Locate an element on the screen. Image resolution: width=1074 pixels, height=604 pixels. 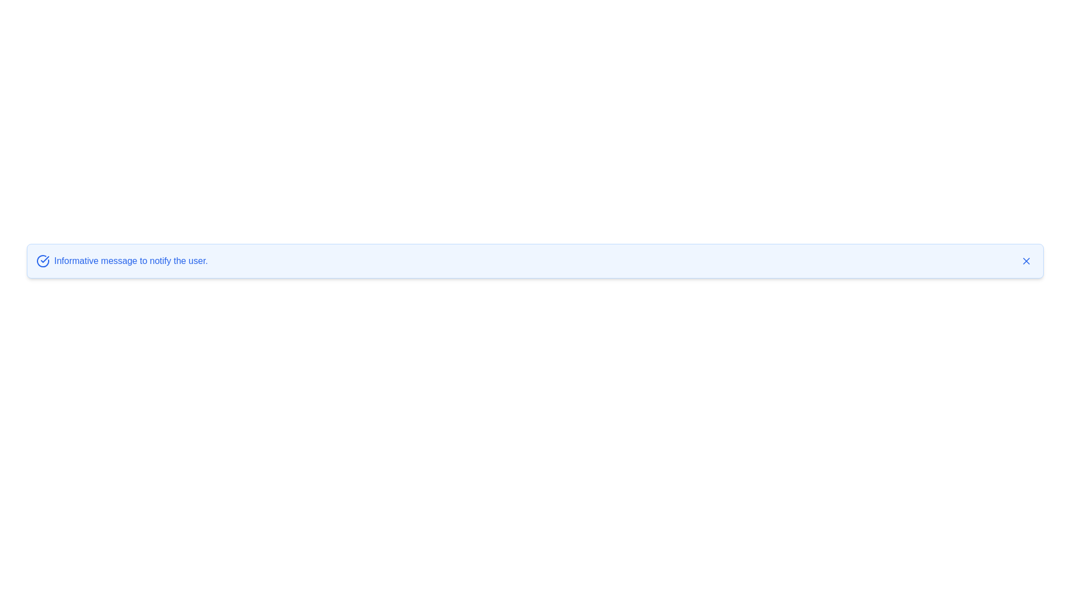
the Notification bar which has a light blue background and contains the message 'Informative message to notify the user.' is located at coordinates (534, 261).